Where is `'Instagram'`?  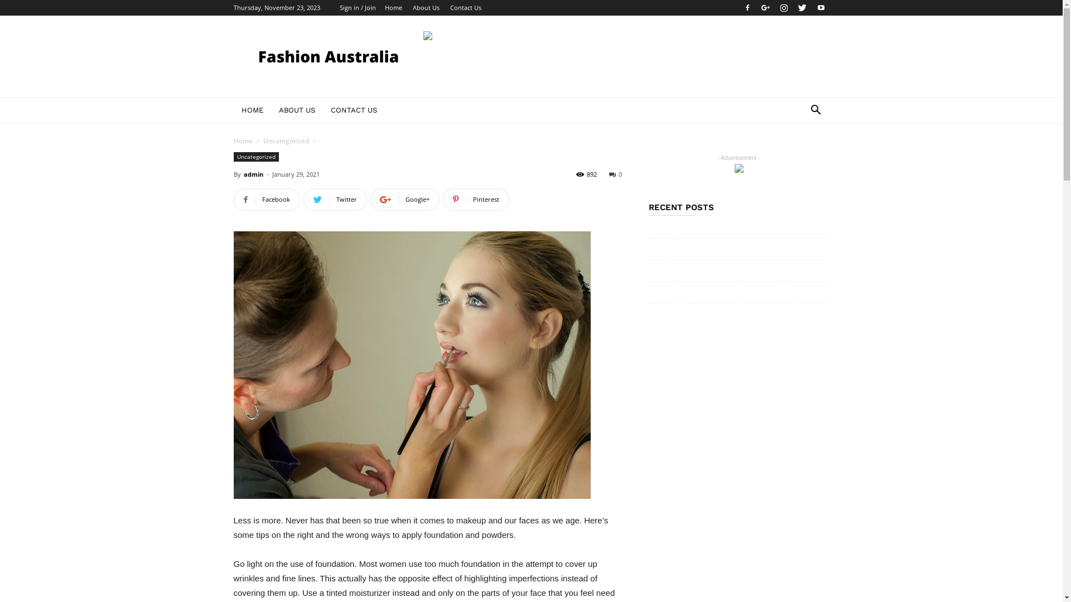 'Instagram' is located at coordinates (783, 8).